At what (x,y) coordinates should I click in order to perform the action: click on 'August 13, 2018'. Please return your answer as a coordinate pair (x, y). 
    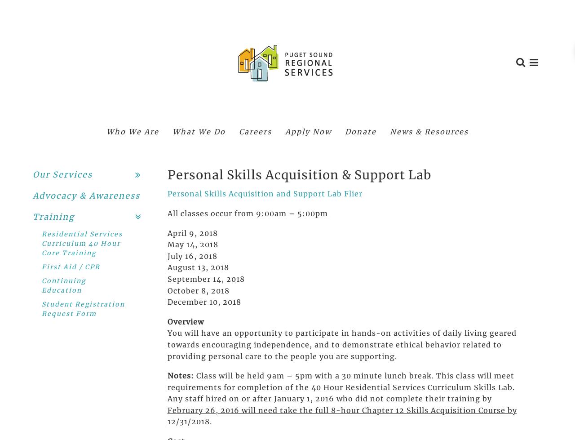
    Looking at the image, I should click on (197, 267).